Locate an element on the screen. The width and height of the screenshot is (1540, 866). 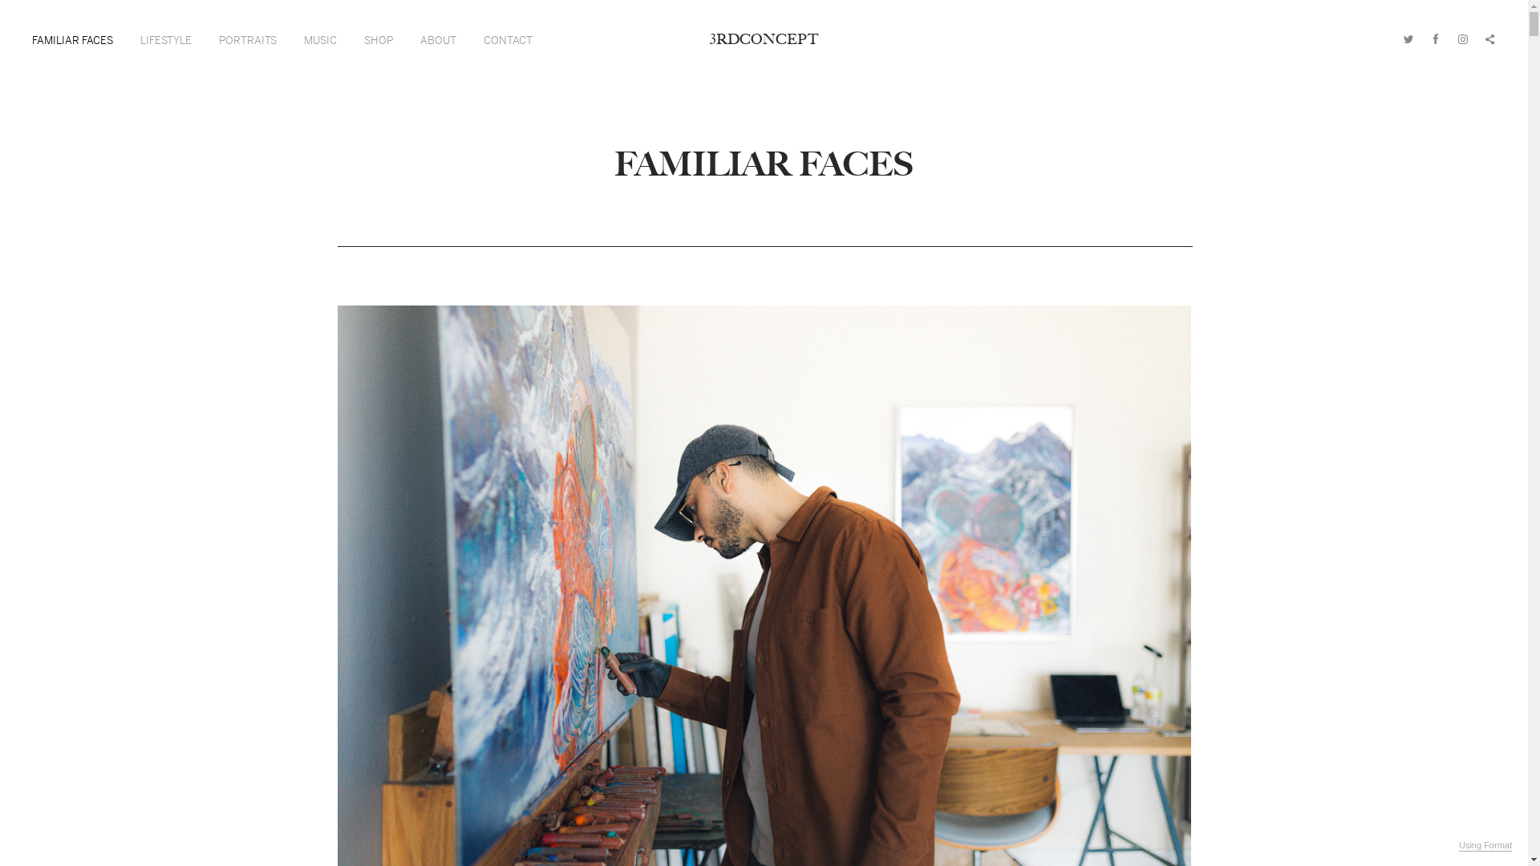
'SHOP' is located at coordinates (377, 39).